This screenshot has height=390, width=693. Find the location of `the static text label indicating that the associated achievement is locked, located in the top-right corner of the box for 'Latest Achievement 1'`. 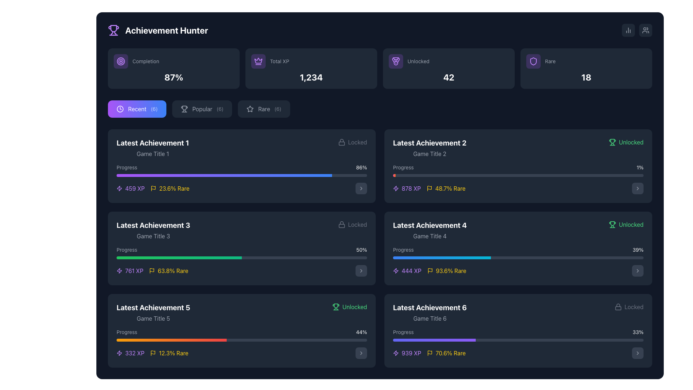

the static text label indicating that the associated achievement is locked, located in the top-right corner of the box for 'Latest Achievement 1' is located at coordinates (357, 142).